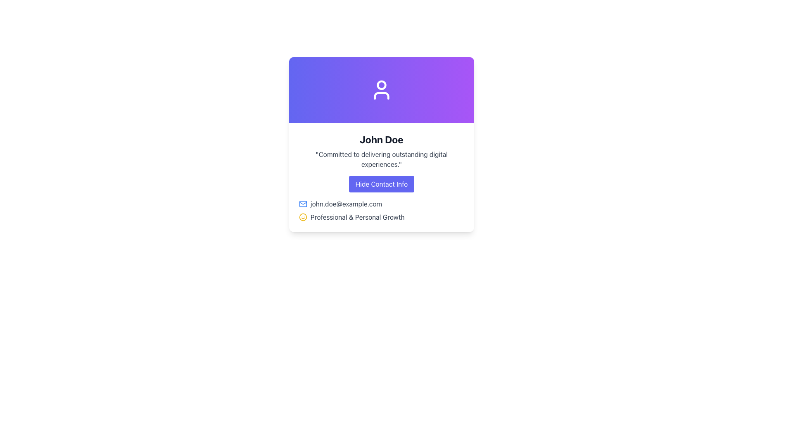  I want to click on the vector graphic element in the SVG that resembles an envelope's flap, located to the left of the email address 'john.doe@example.com', so click(303, 203).